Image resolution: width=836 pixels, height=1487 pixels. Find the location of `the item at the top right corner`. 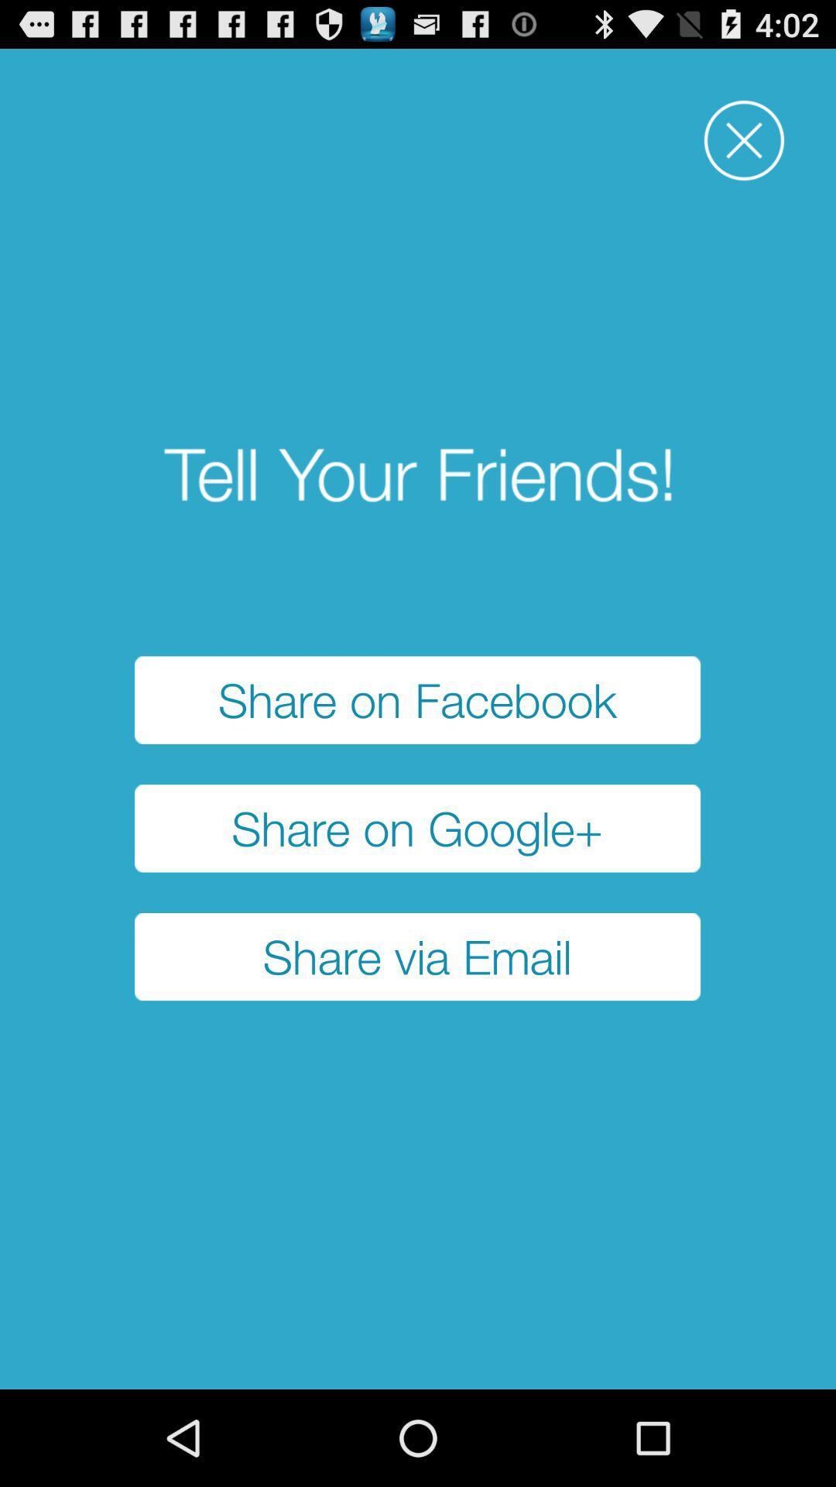

the item at the top right corner is located at coordinates (743, 140).